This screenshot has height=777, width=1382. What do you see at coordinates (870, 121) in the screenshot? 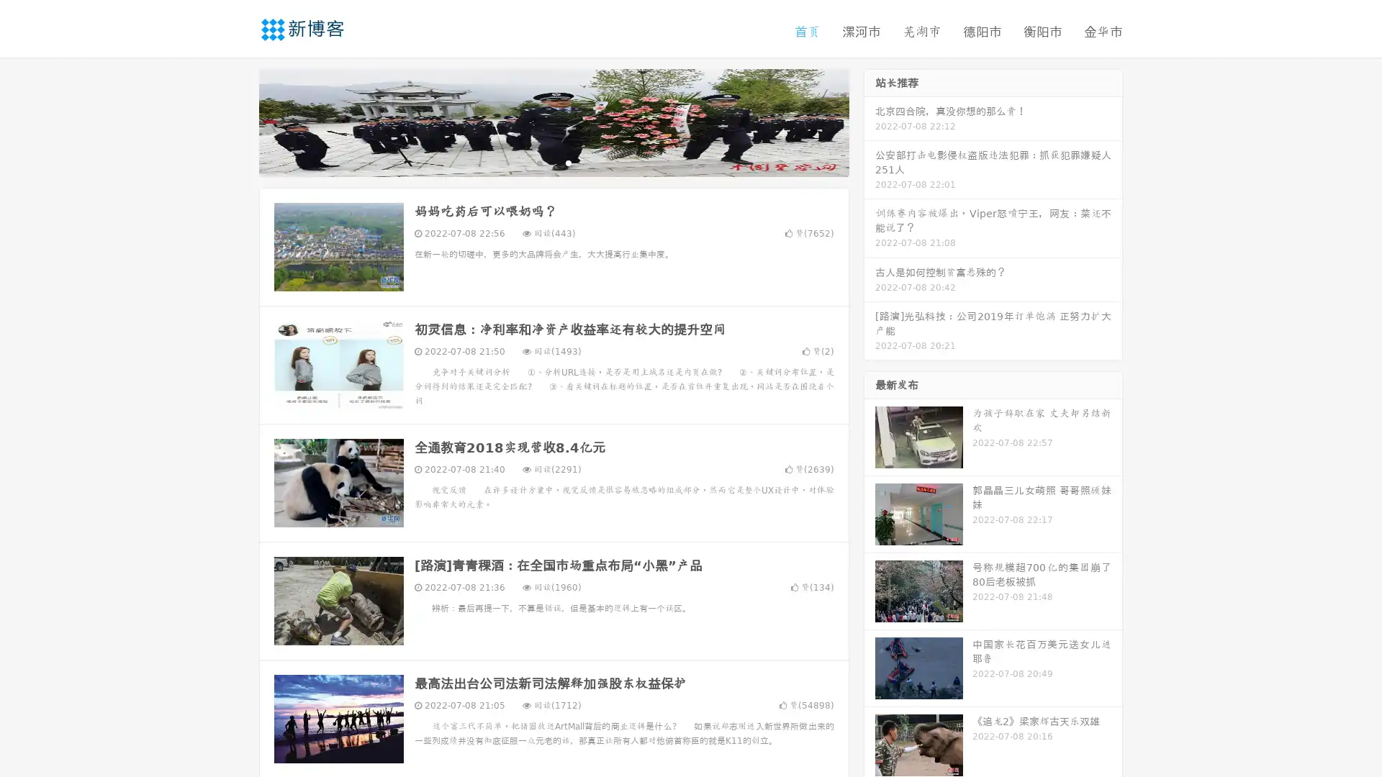
I see `Next slide` at bounding box center [870, 121].